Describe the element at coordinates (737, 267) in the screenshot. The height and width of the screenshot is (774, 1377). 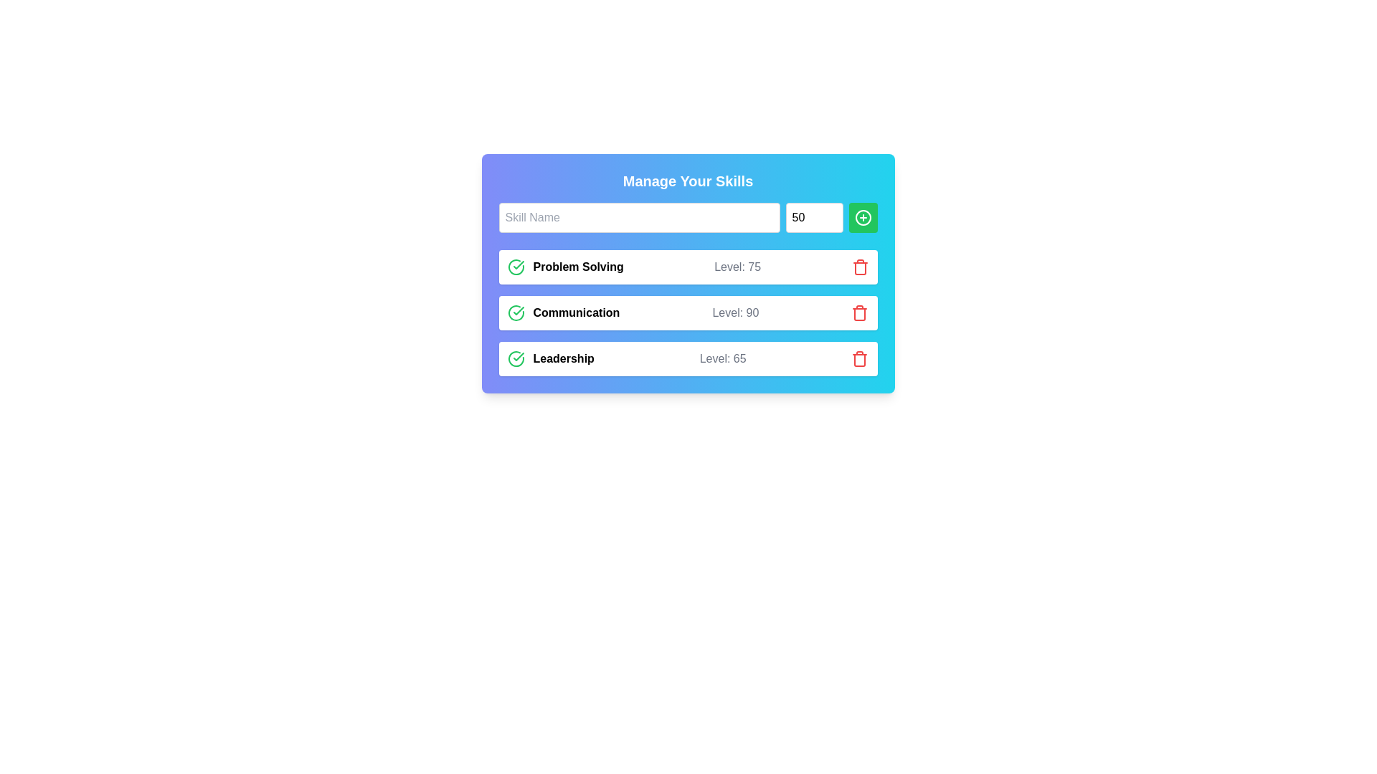
I see `the static text label that displays the skill level '75' for the 'Problem Solving' category, located on the right side of the associated list item` at that location.